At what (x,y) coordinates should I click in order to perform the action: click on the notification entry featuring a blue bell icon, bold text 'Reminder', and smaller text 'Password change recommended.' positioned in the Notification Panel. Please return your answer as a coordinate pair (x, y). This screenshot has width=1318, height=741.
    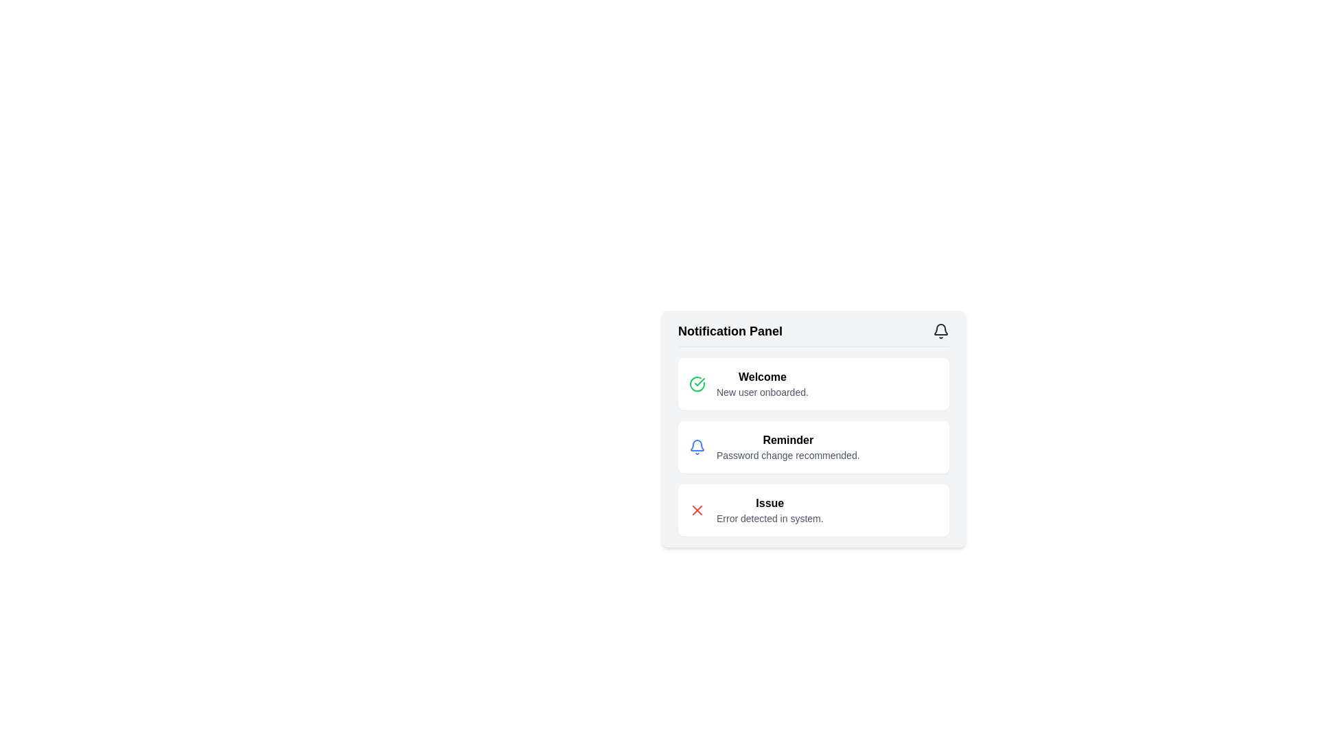
    Looking at the image, I should click on (813, 447).